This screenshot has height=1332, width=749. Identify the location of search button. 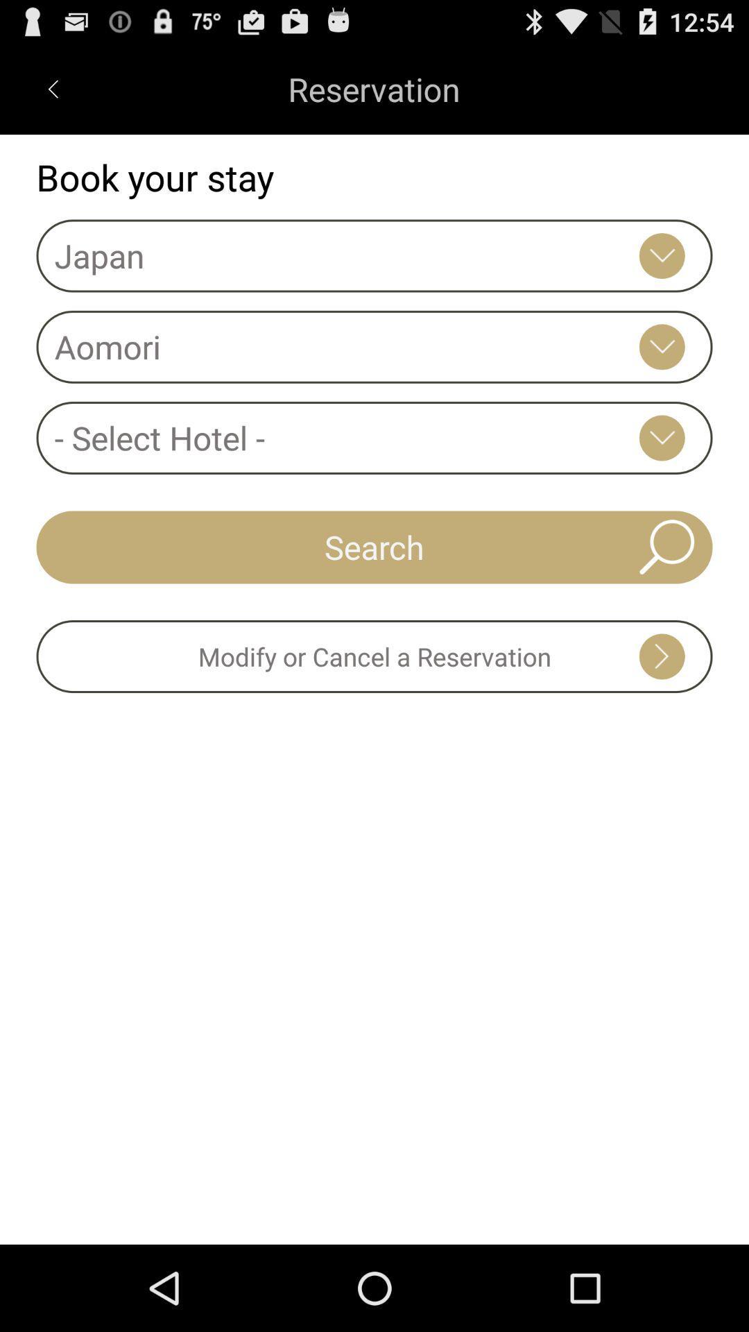
(374, 546).